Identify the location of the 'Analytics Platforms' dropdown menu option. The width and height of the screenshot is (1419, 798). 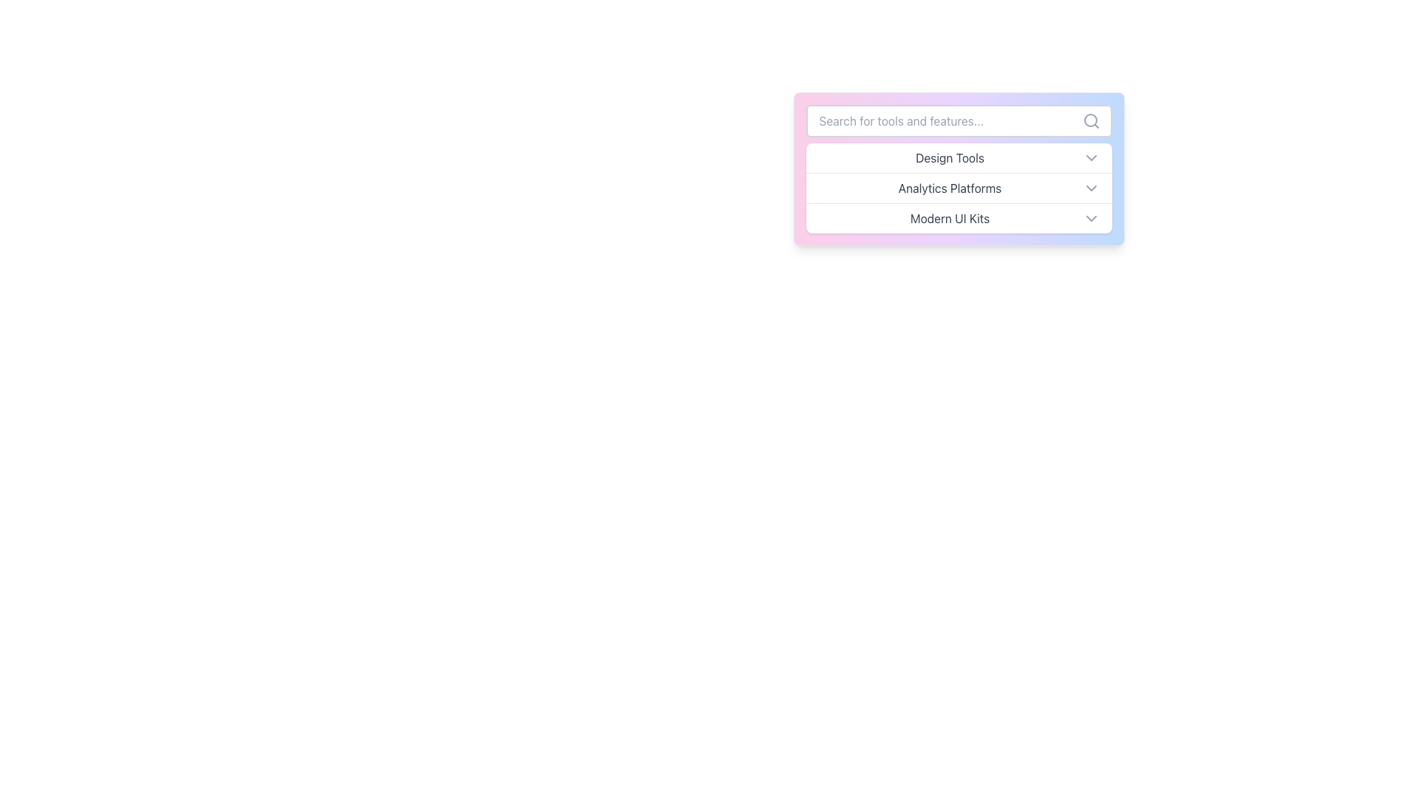
(959, 187).